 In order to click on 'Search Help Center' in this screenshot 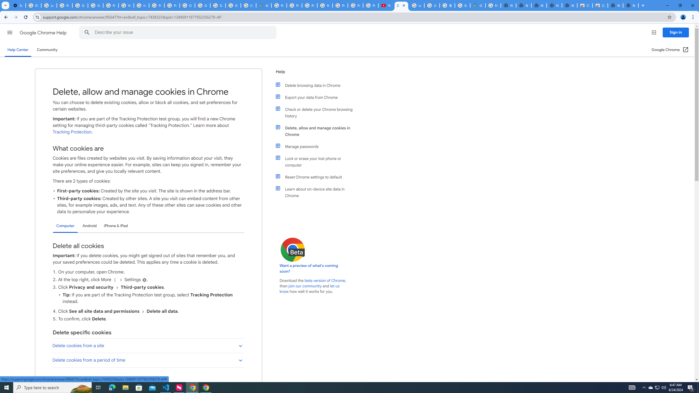, I will do `click(87, 32)`.